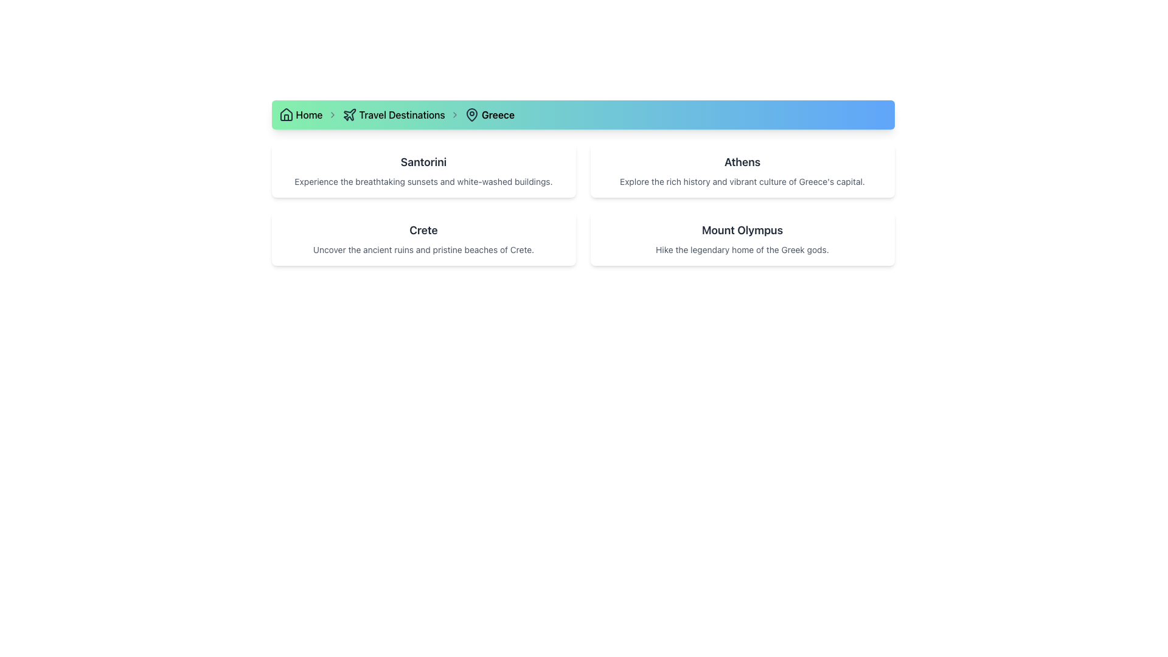 Image resolution: width=1168 pixels, height=657 pixels. I want to click on the Breadcrumb link element that consists of a house-shaped icon and the text 'Home', so click(301, 115).